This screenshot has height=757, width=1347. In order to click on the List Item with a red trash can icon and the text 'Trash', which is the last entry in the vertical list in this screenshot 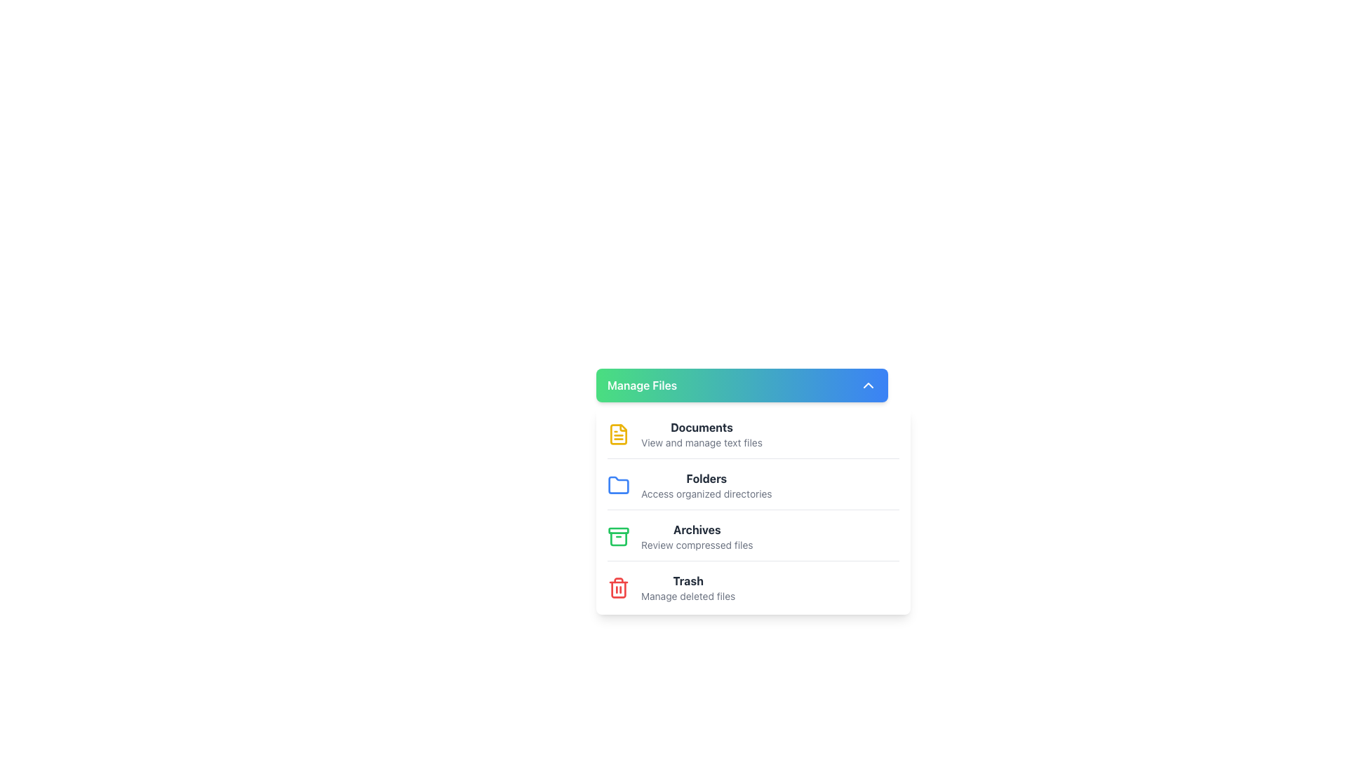, I will do `click(753, 588)`.